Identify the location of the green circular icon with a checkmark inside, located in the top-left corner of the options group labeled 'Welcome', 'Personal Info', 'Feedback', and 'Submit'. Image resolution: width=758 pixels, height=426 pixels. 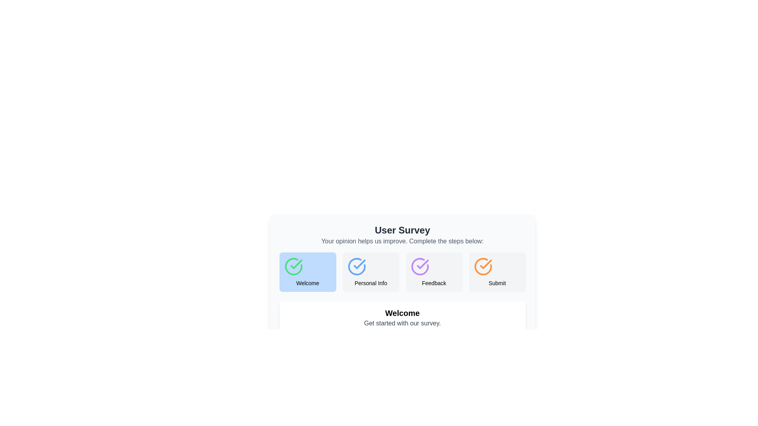
(293, 266).